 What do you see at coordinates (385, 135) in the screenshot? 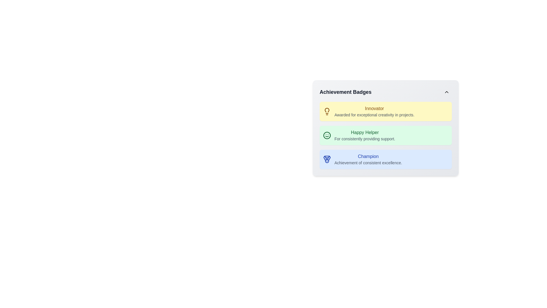
I see `the 'Happy Helper' informational badge, which is the second element in a vertical list of three awards, located centrally between the 'Innovator' and 'Champion' awards` at bounding box center [385, 135].